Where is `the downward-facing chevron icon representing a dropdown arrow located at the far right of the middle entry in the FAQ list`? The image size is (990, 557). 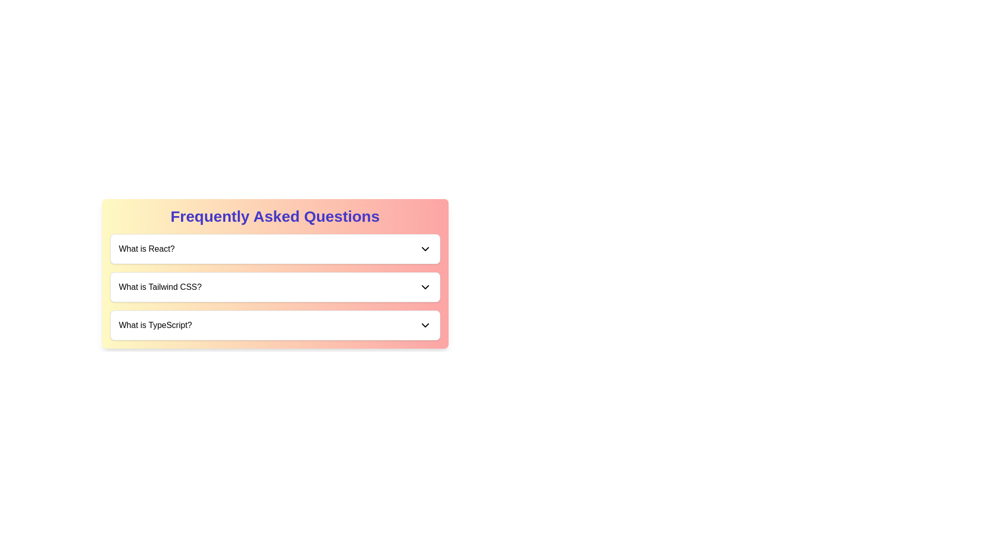 the downward-facing chevron icon representing a dropdown arrow located at the far right of the middle entry in the FAQ list is located at coordinates (425, 287).